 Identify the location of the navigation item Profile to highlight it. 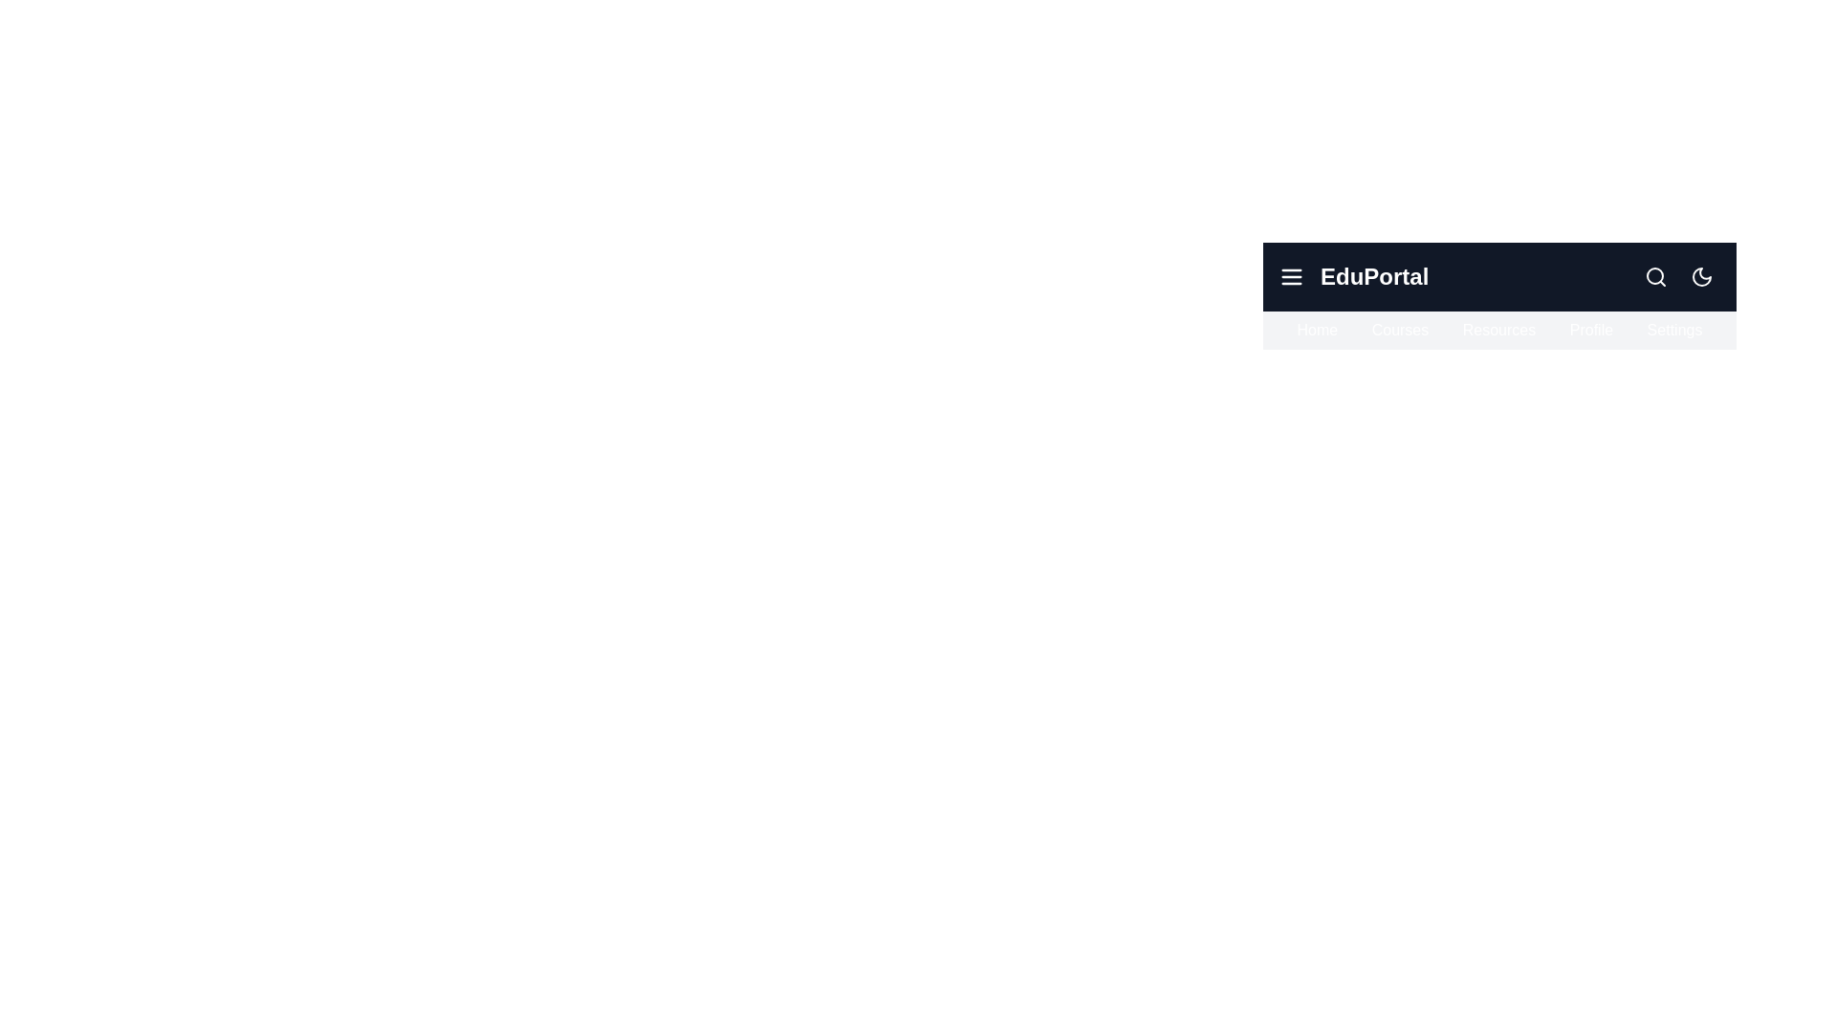
(1591, 330).